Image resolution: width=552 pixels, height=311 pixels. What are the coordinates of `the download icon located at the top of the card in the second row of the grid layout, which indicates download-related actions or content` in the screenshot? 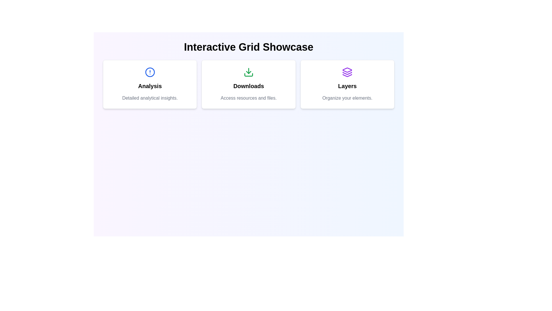 It's located at (248, 72).